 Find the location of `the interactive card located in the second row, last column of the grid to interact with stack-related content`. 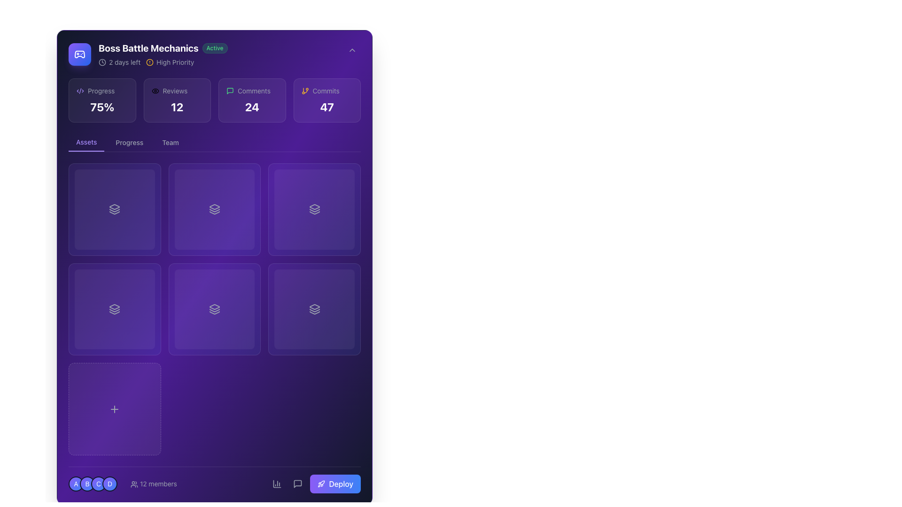

the interactive card located in the second row, last column of the grid to interact with stack-related content is located at coordinates (314, 209).